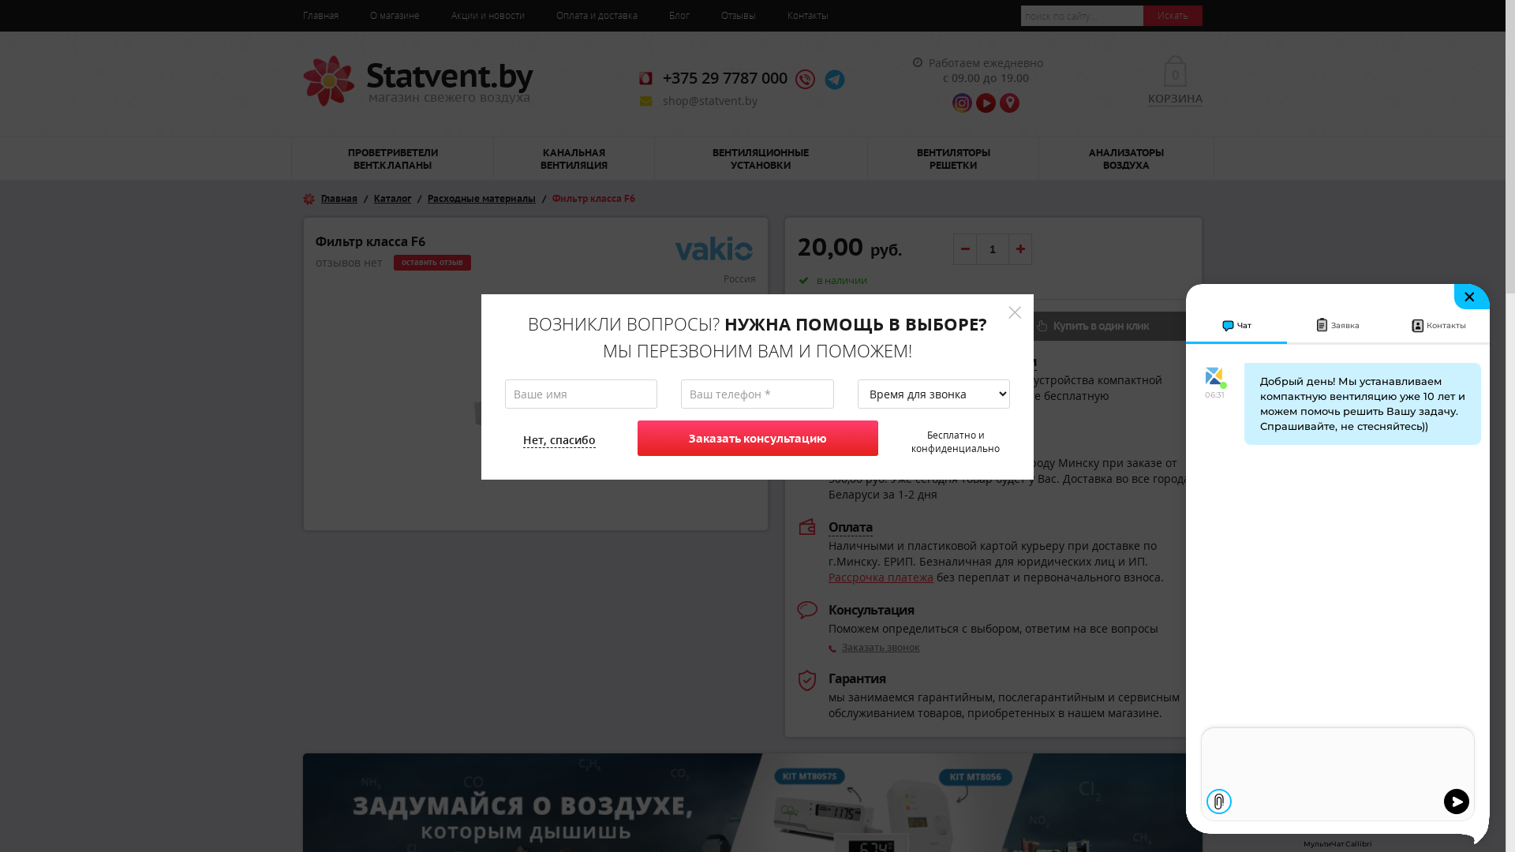 The height and width of the screenshot is (852, 1515). Describe the element at coordinates (724, 77) in the screenshot. I see `'+375 29 7787 000'` at that location.